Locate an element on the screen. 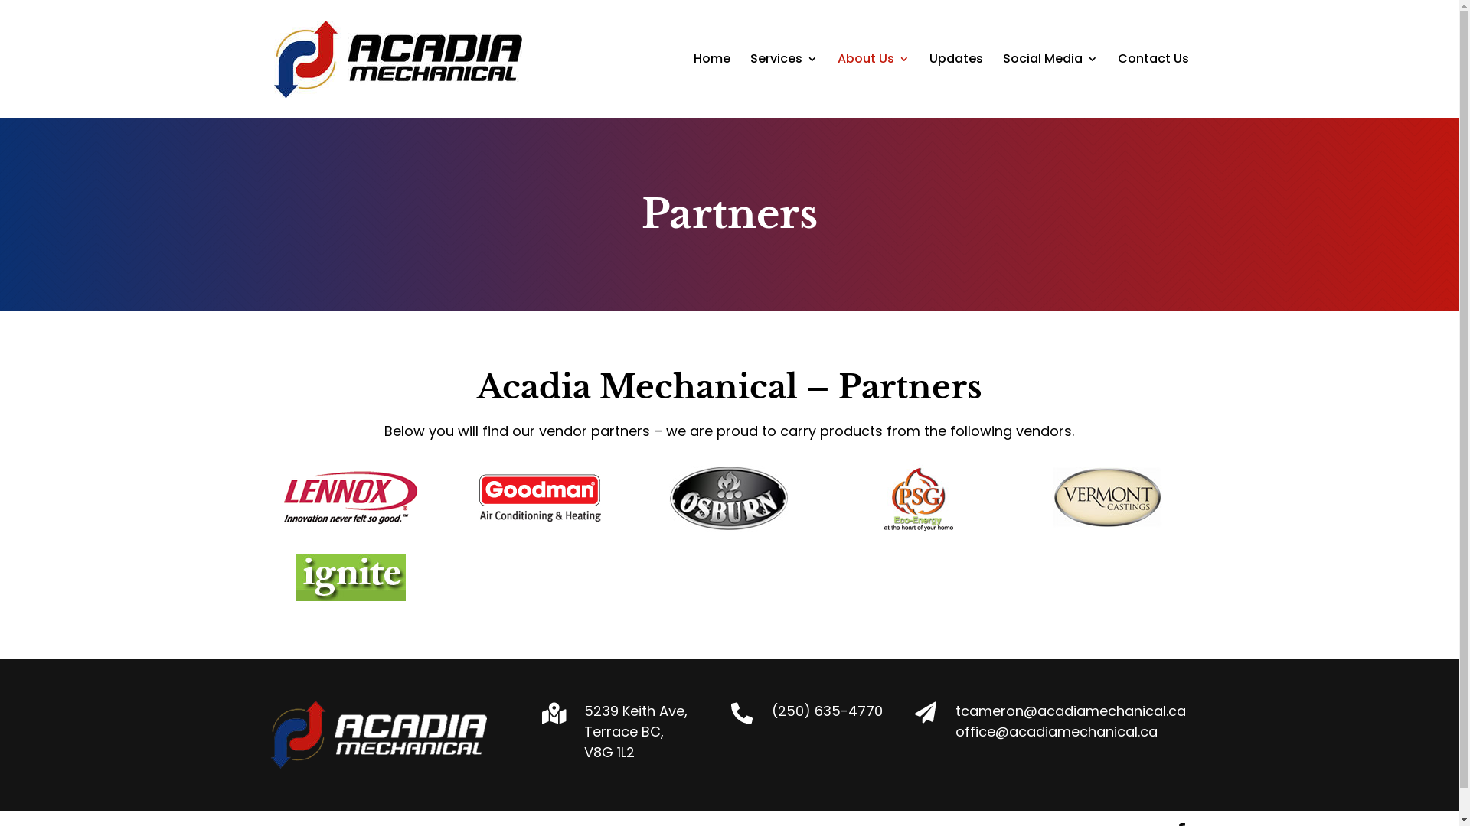  'lennoxLogo' is located at coordinates (283, 498).